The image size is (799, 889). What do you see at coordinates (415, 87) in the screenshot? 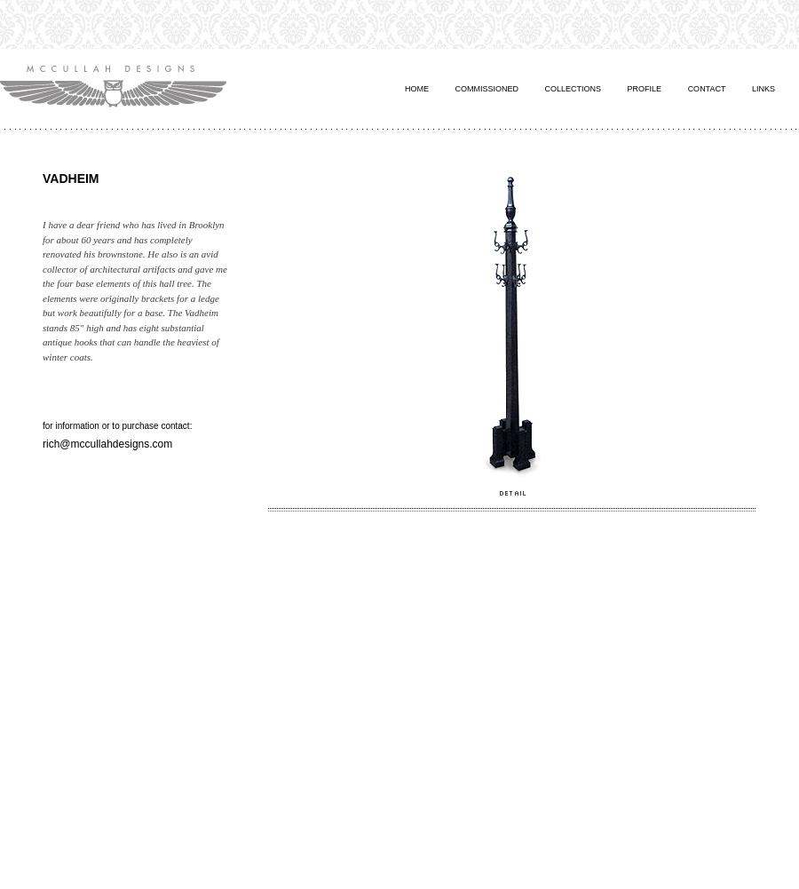
I see `'Home'` at bounding box center [415, 87].